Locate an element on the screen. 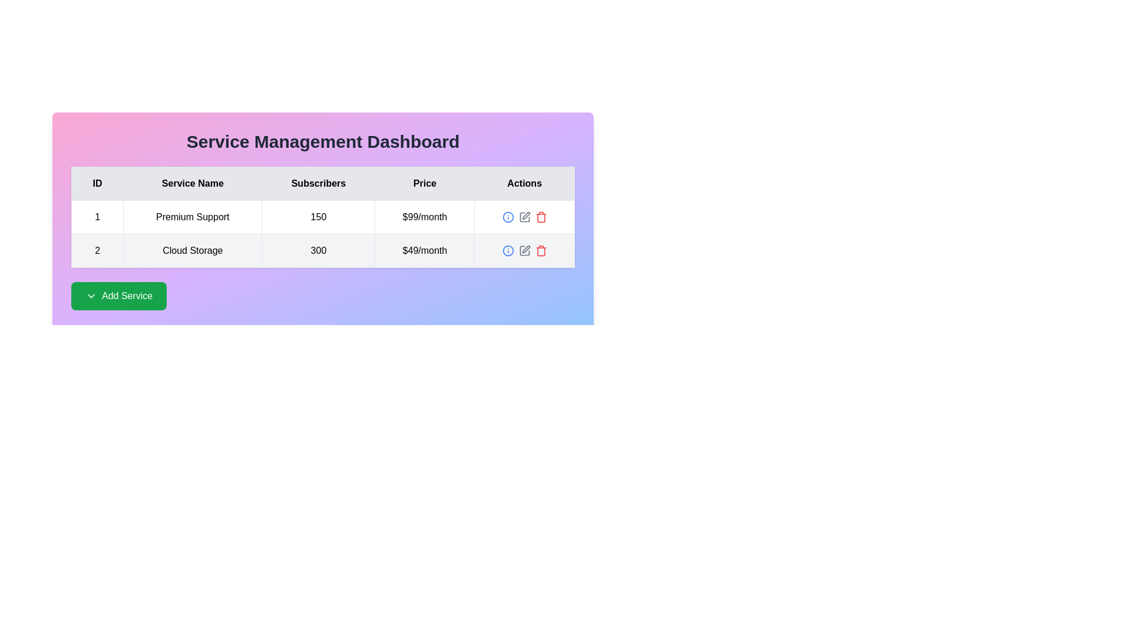 This screenshot has width=1131, height=636. the static text display showing '150', which is located in the third column of the first row under the 'Subscribers' header, aligned with the 'Premium Support' row is located at coordinates (318, 217).